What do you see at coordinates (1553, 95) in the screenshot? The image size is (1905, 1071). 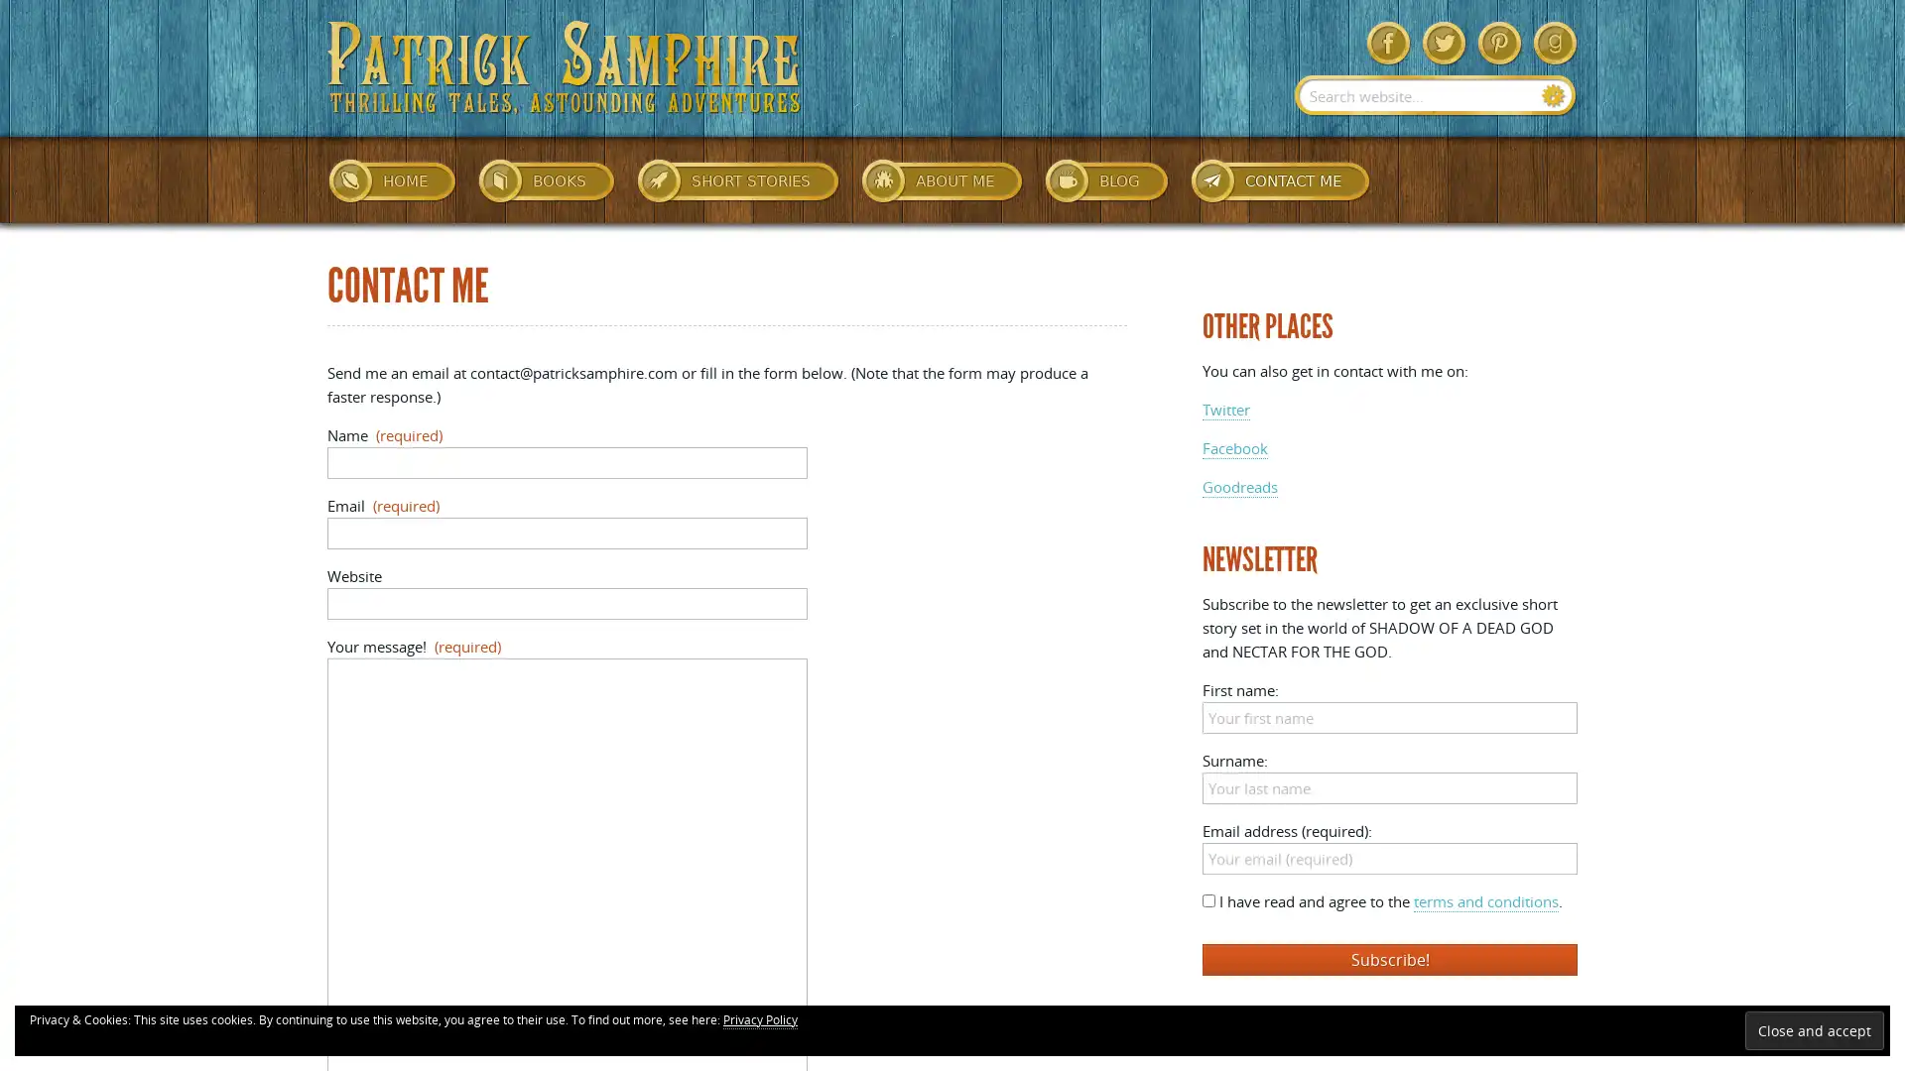 I see `Search` at bounding box center [1553, 95].